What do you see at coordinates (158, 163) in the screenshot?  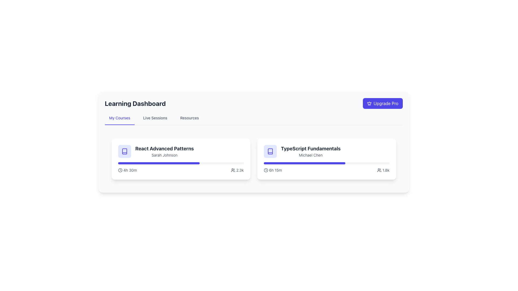 I see `the purple progress bar within the 'React Advanced Patterns' card, which is approximately 65% filled and has a smooth transition effect` at bounding box center [158, 163].